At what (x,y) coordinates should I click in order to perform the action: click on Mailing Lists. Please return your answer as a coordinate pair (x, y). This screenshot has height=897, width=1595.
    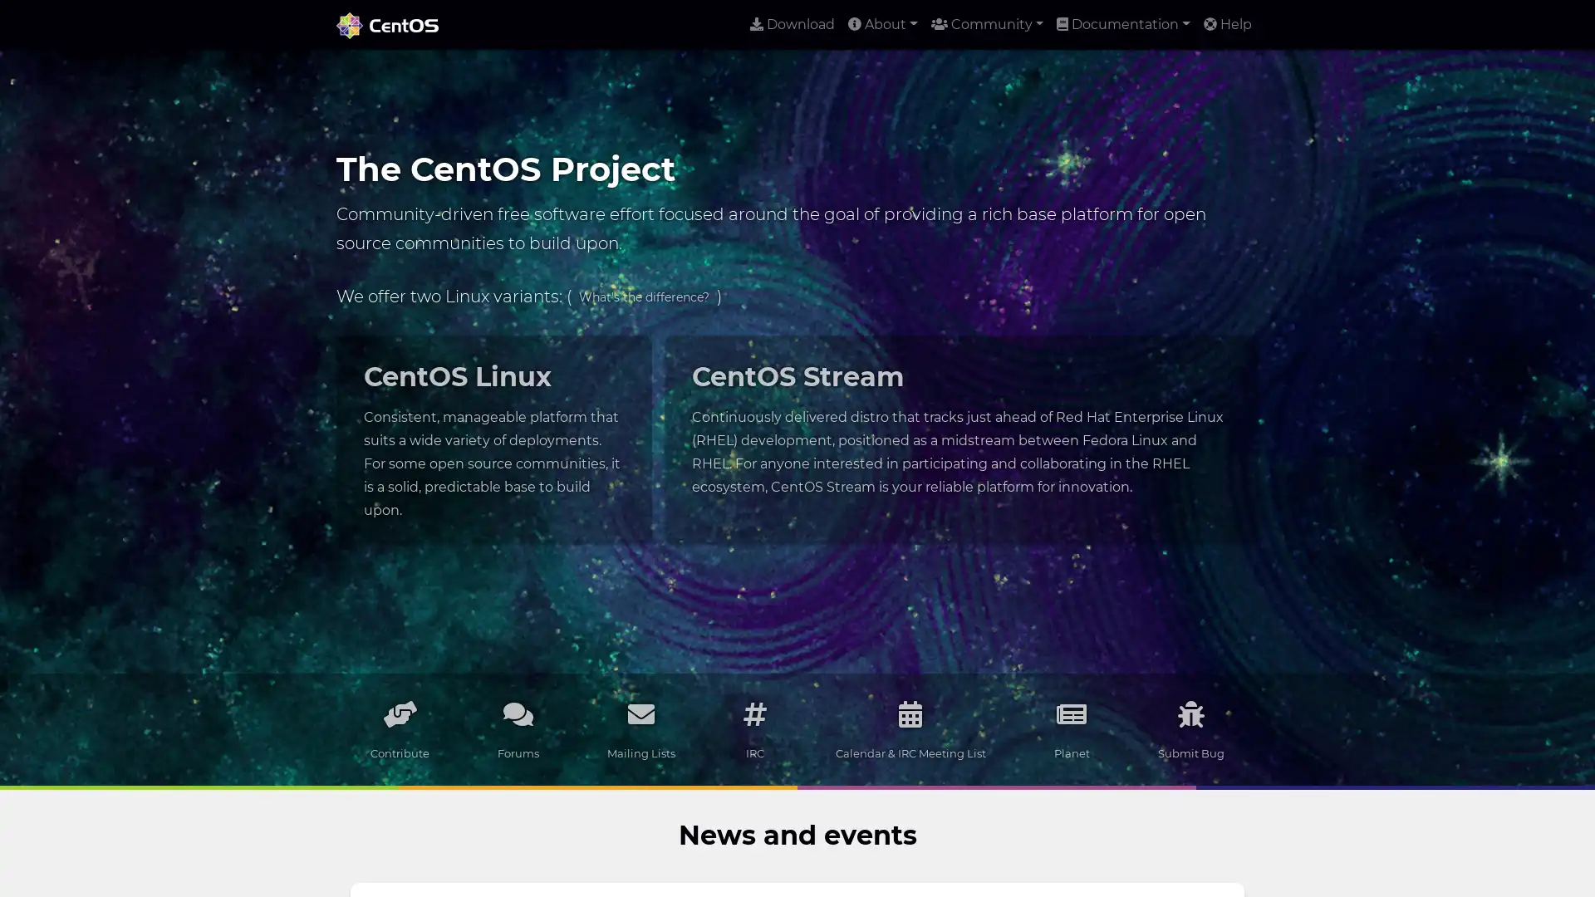
    Looking at the image, I should click on (640, 728).